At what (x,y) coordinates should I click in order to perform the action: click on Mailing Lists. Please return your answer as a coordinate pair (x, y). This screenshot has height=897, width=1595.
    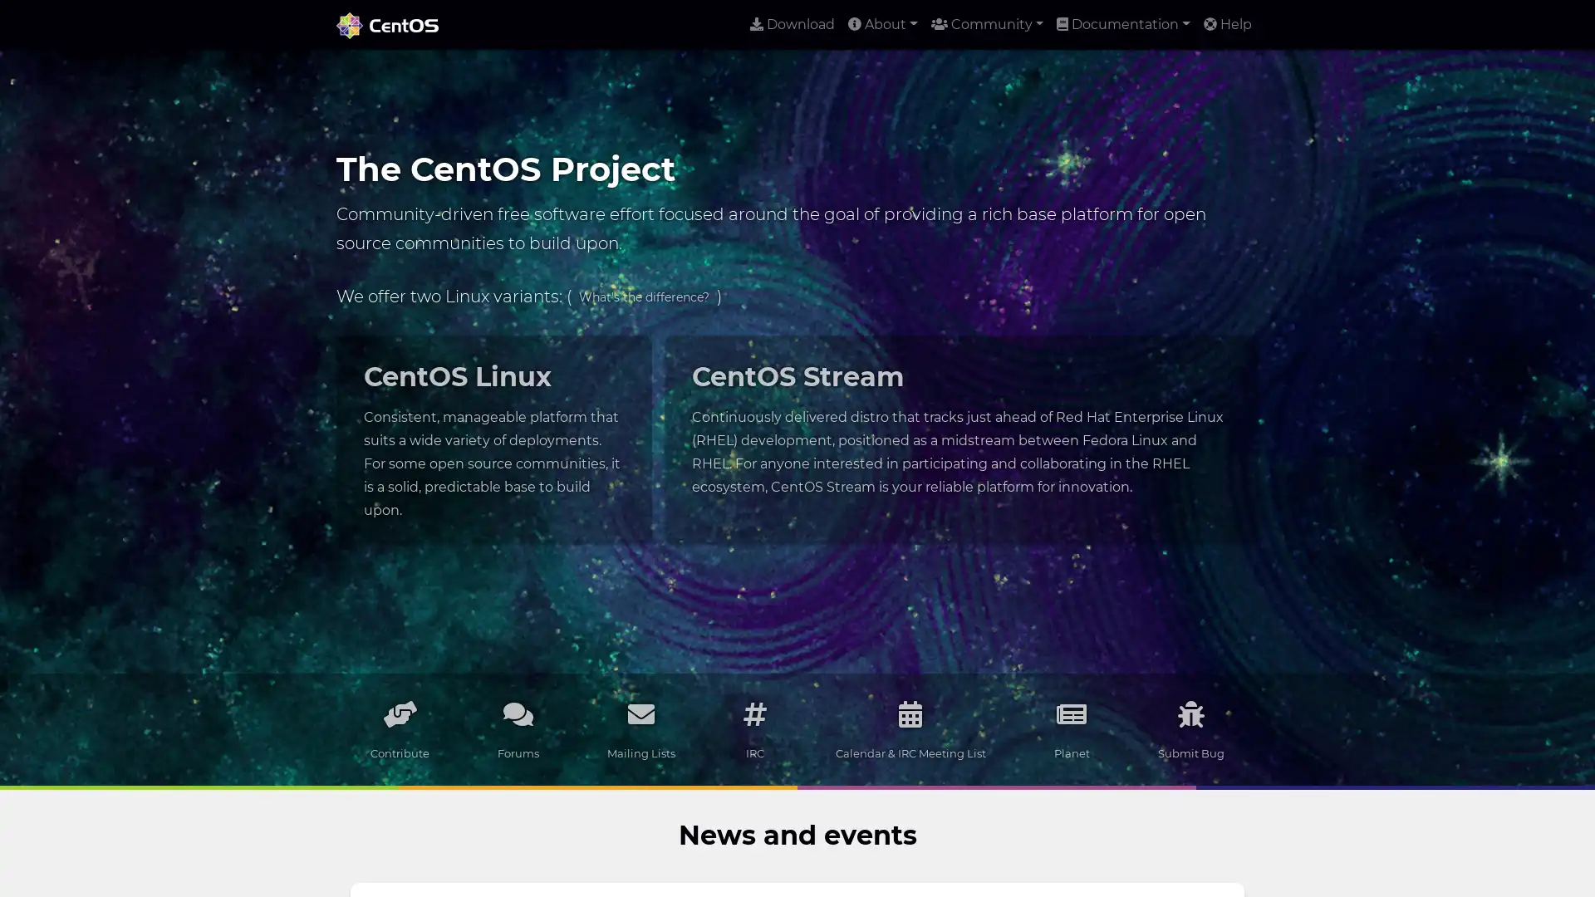
    Looking at the image, I should click on (640, 728).